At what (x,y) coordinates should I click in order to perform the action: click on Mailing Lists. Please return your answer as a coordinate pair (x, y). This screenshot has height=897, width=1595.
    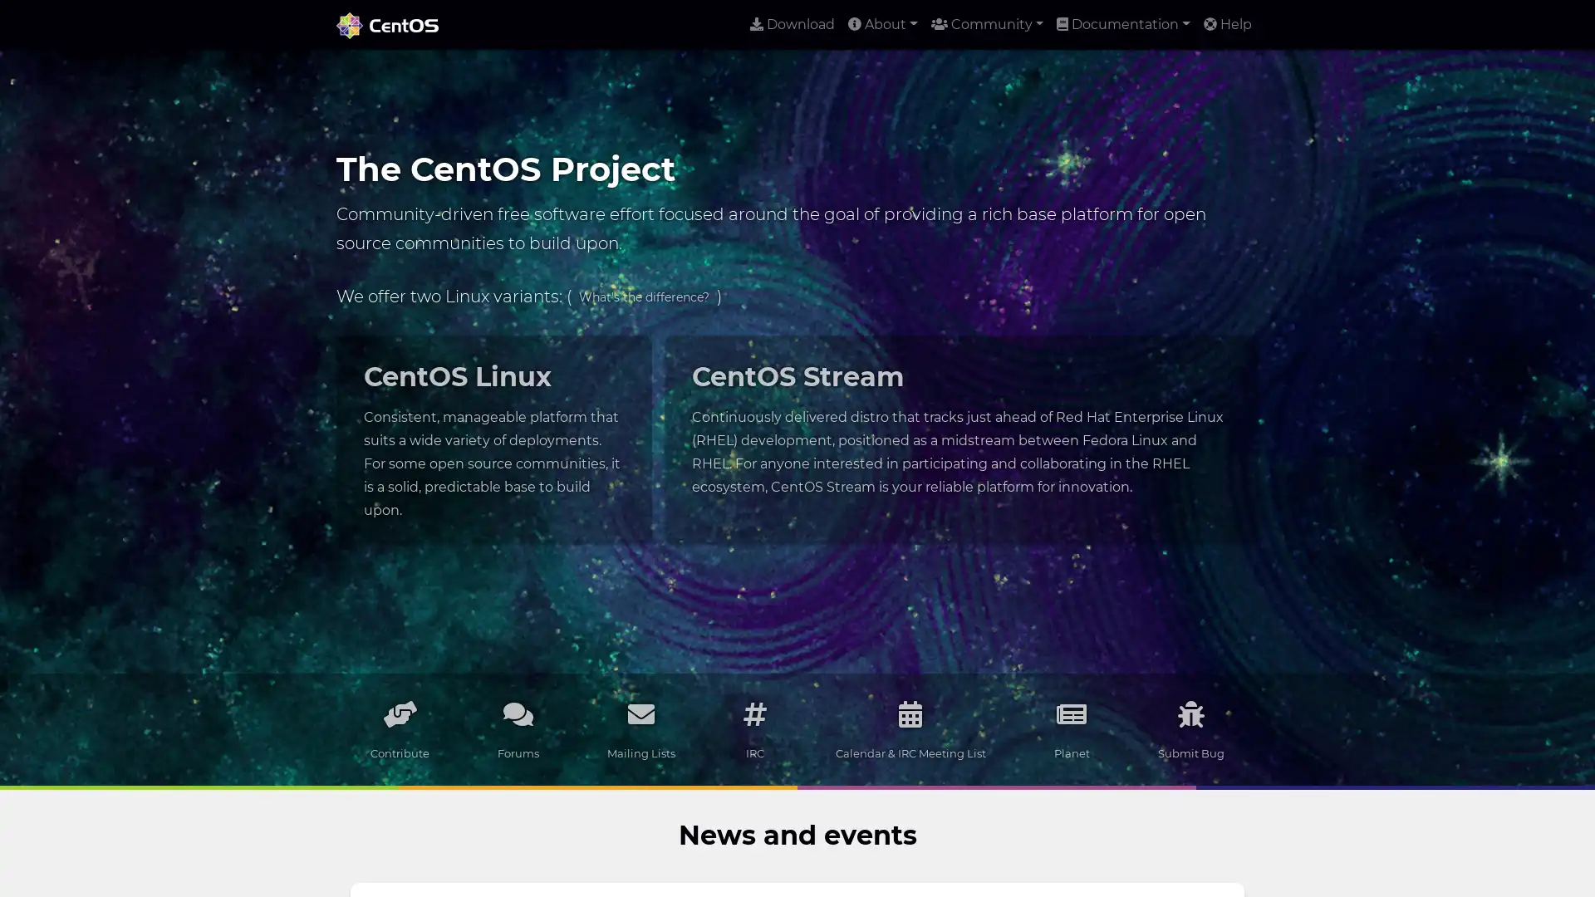
    Looking at the image, I should click on (640, 728).